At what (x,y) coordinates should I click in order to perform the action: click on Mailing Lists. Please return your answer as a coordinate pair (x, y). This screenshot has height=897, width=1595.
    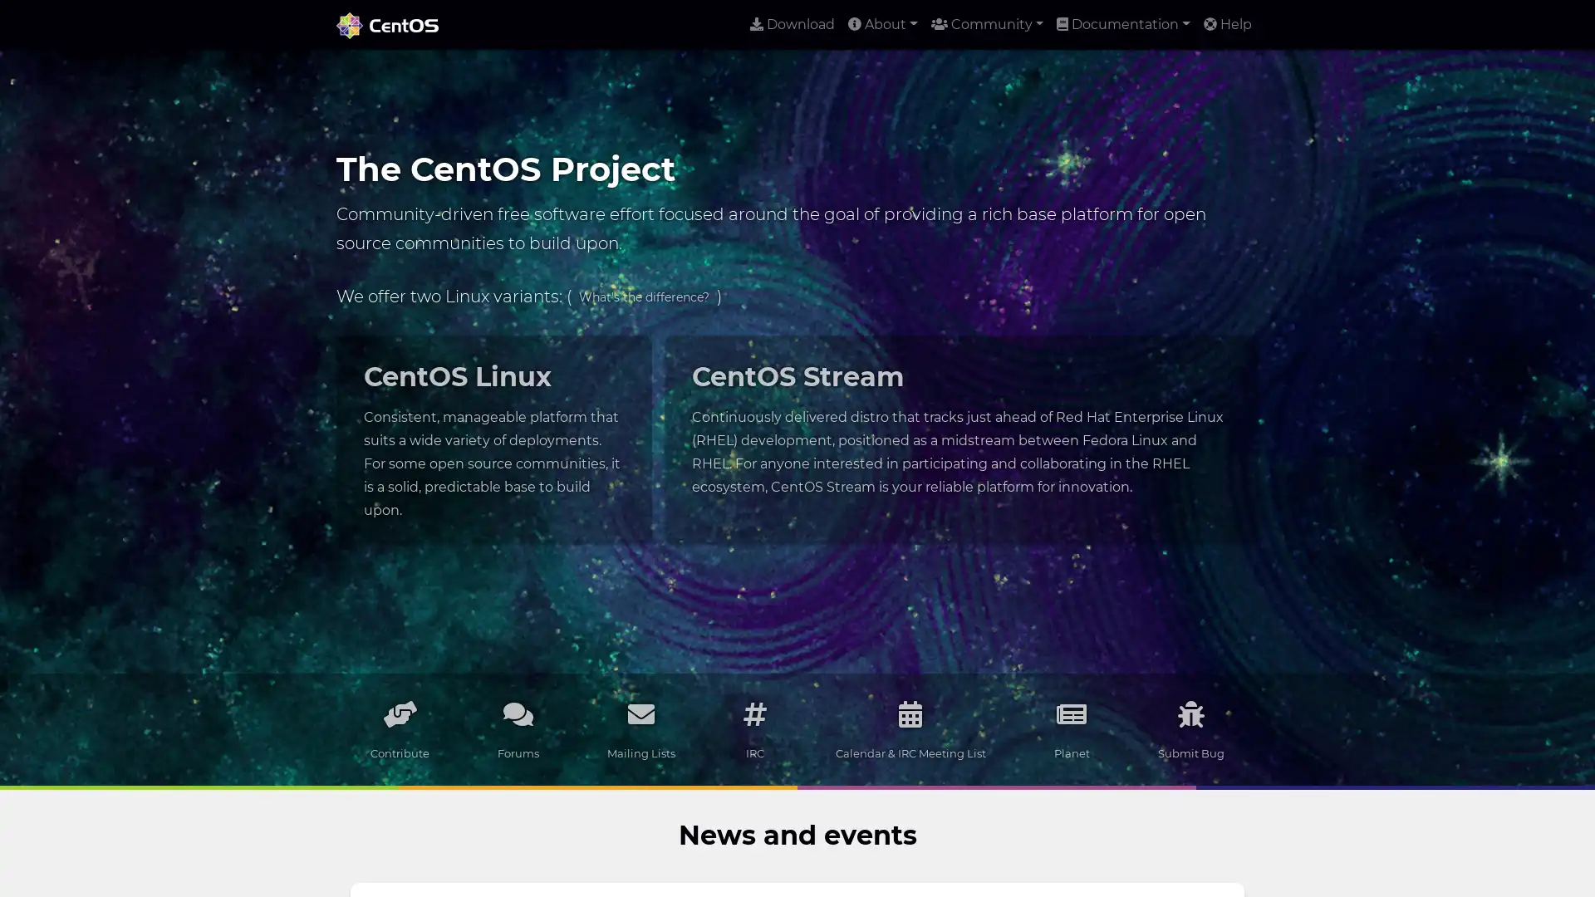
    Looking at the image, I should click on (640, 728).